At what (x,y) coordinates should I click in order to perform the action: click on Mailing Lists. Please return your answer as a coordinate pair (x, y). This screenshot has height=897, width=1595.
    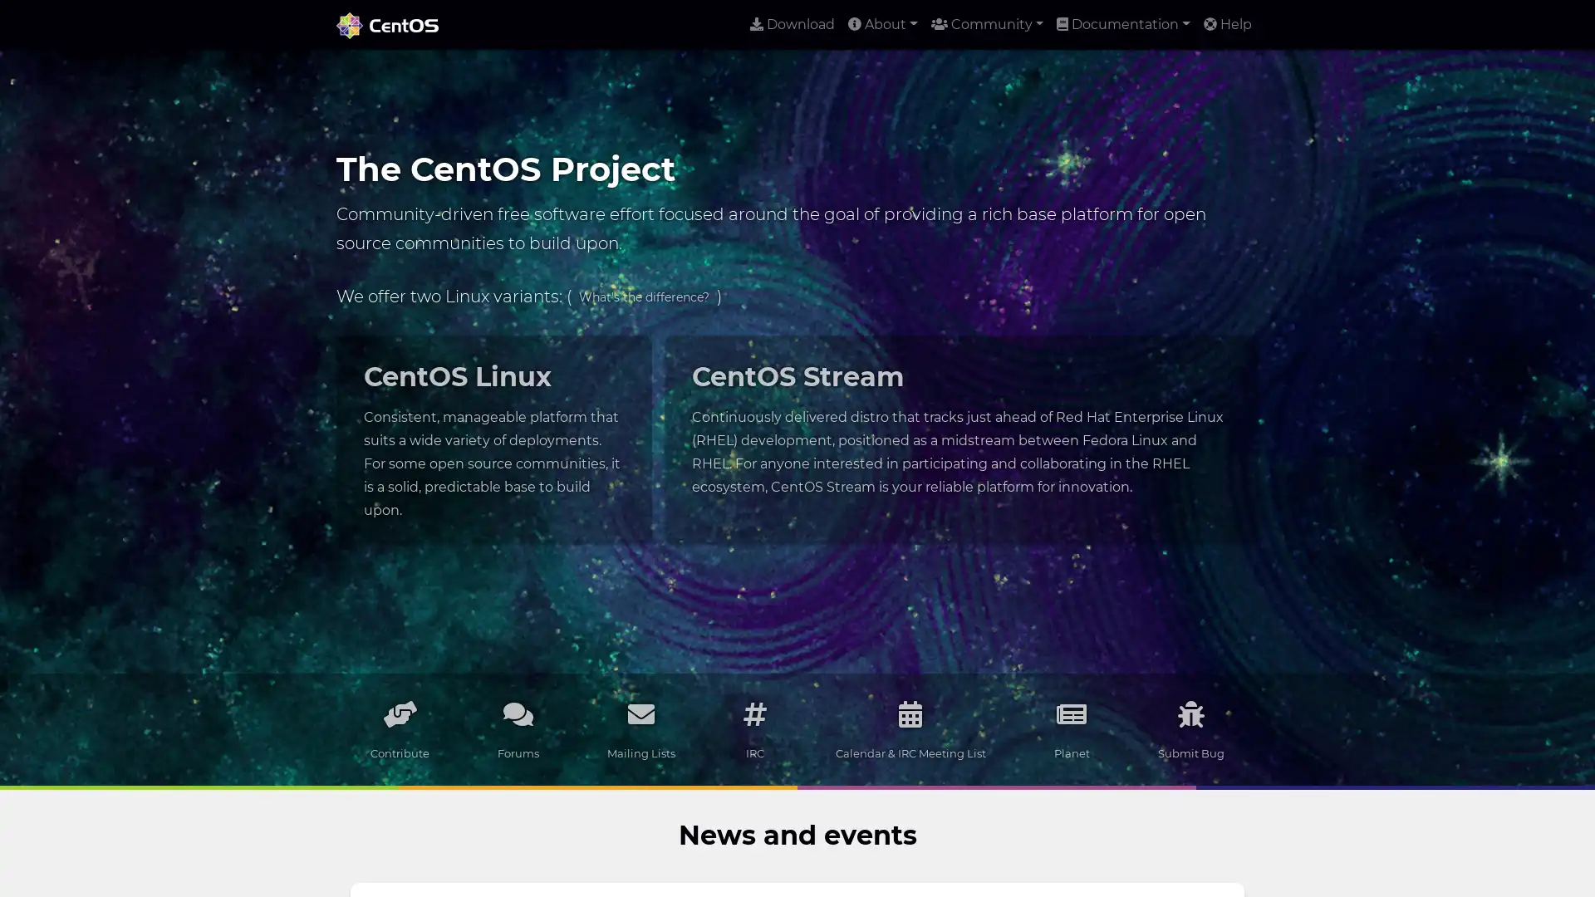
    Looking at the image, I should click on (640, 728).